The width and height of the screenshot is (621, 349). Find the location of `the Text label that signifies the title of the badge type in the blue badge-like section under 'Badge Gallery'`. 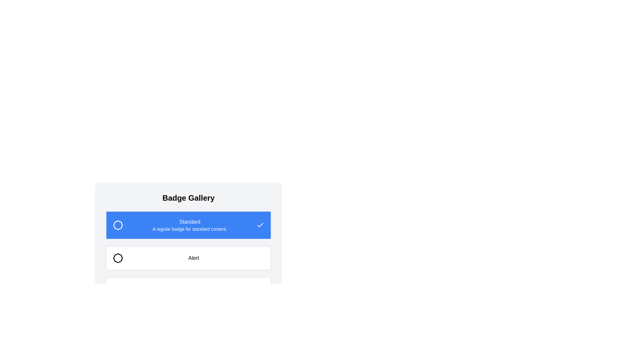

the Text label that signifies the title of the badge type in the blue badge-like section under 'Badge Gallery' is located at coordinates (189, 221).